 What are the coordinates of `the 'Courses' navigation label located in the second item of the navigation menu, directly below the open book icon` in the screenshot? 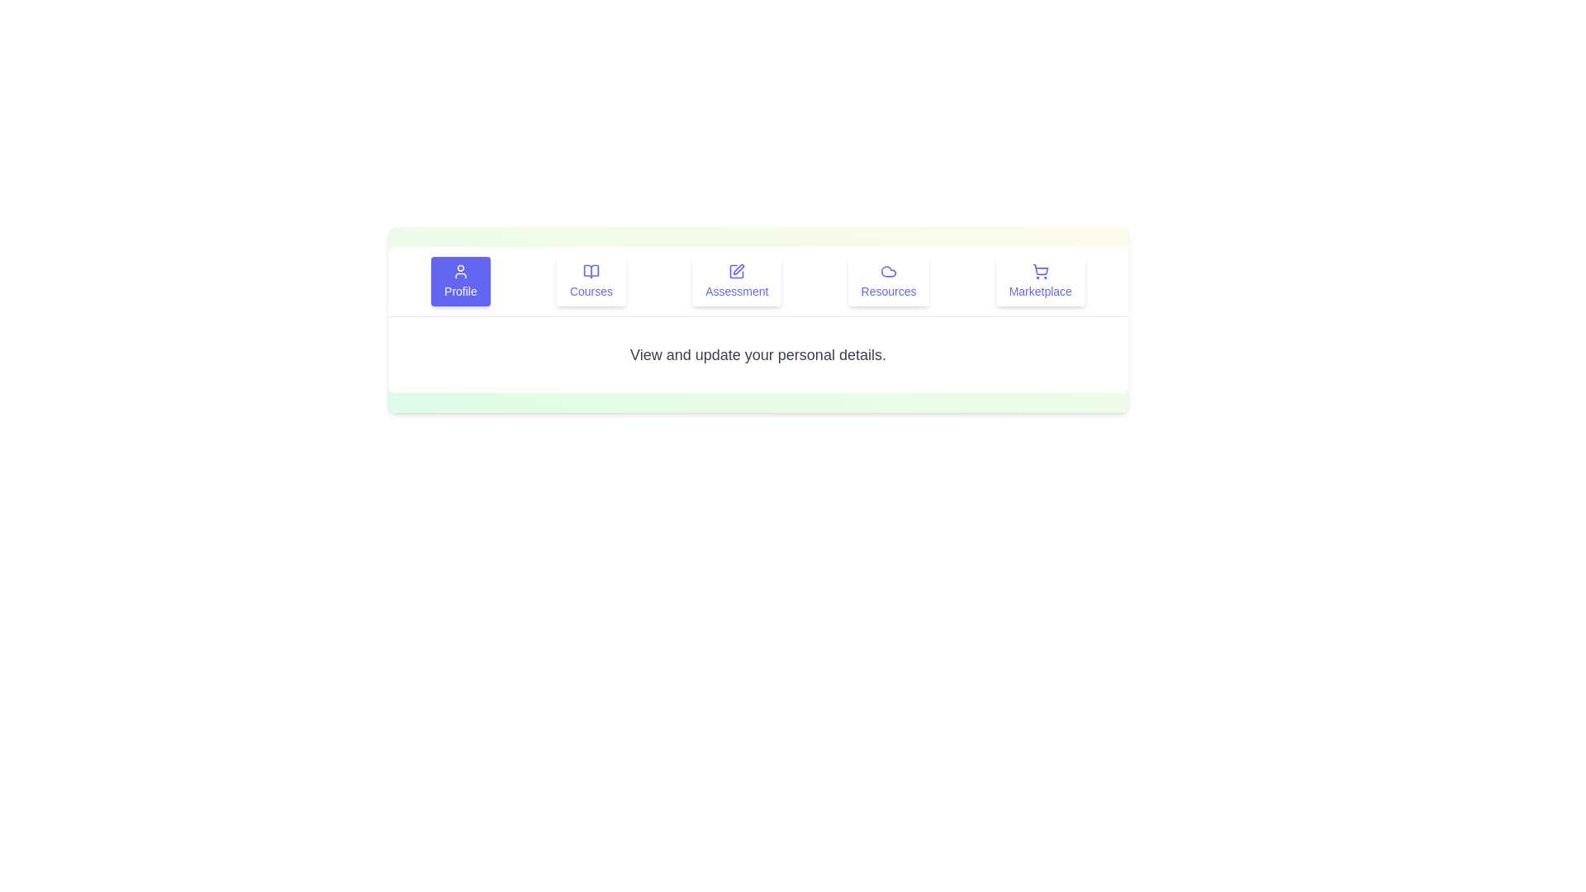 It's located at (591, 291).